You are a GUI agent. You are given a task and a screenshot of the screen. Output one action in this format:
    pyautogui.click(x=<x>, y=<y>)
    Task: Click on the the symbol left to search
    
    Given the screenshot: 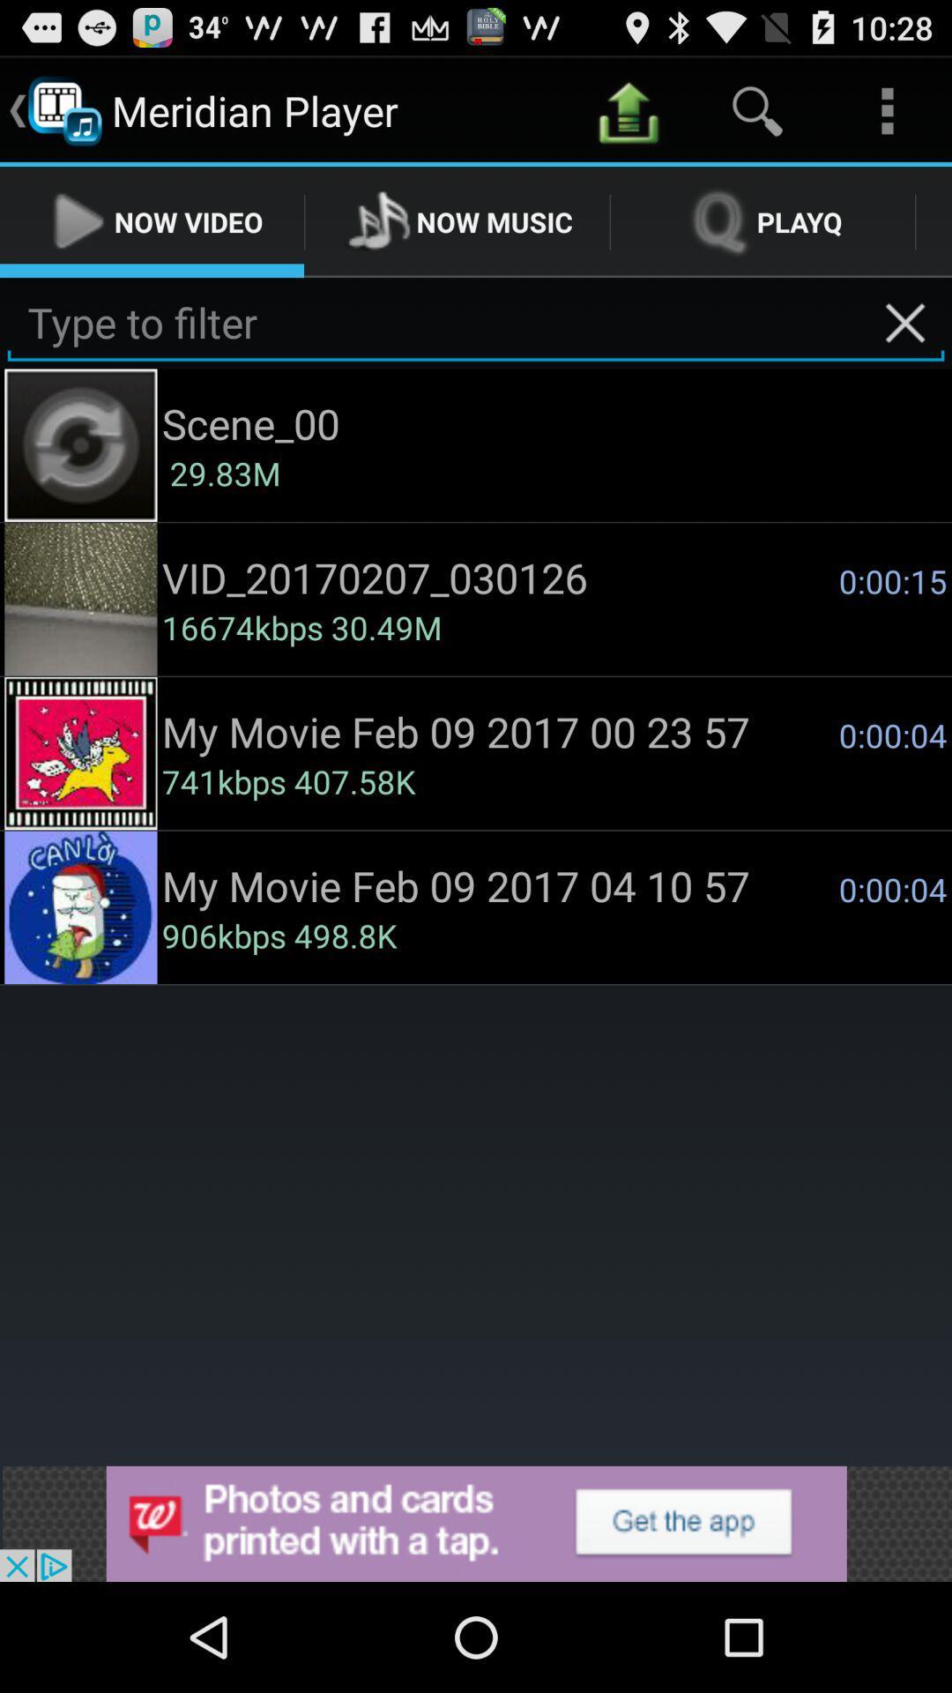 What is the action you would take?
    pyautogui.click(x=627, y=109)
    